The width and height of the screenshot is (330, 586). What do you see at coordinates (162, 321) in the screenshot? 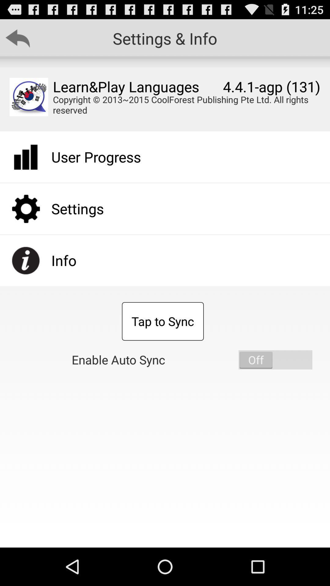
I see `the app below user progress app` at bounding box center [162, 321].